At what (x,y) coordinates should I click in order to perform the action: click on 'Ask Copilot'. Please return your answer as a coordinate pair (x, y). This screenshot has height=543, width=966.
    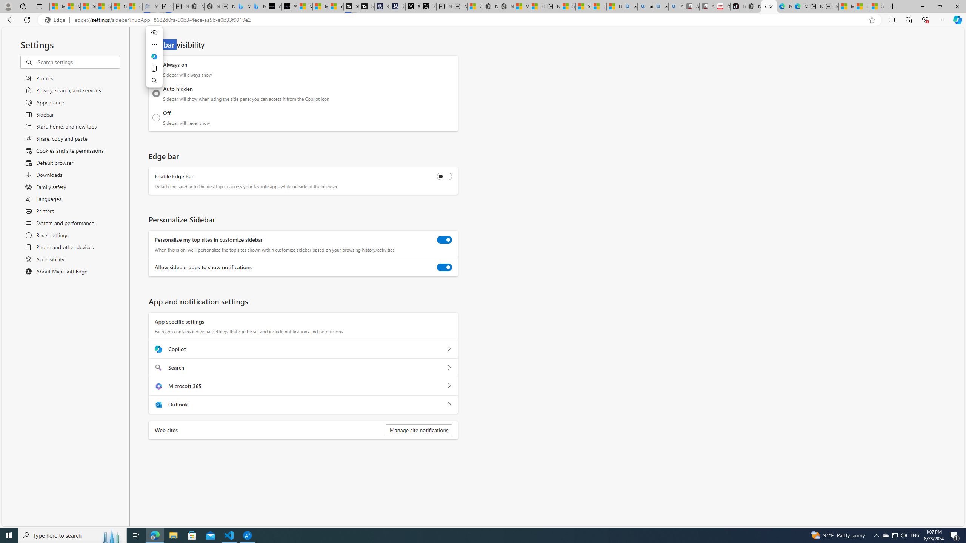
    Looking at the image, I should click on (154, 56).